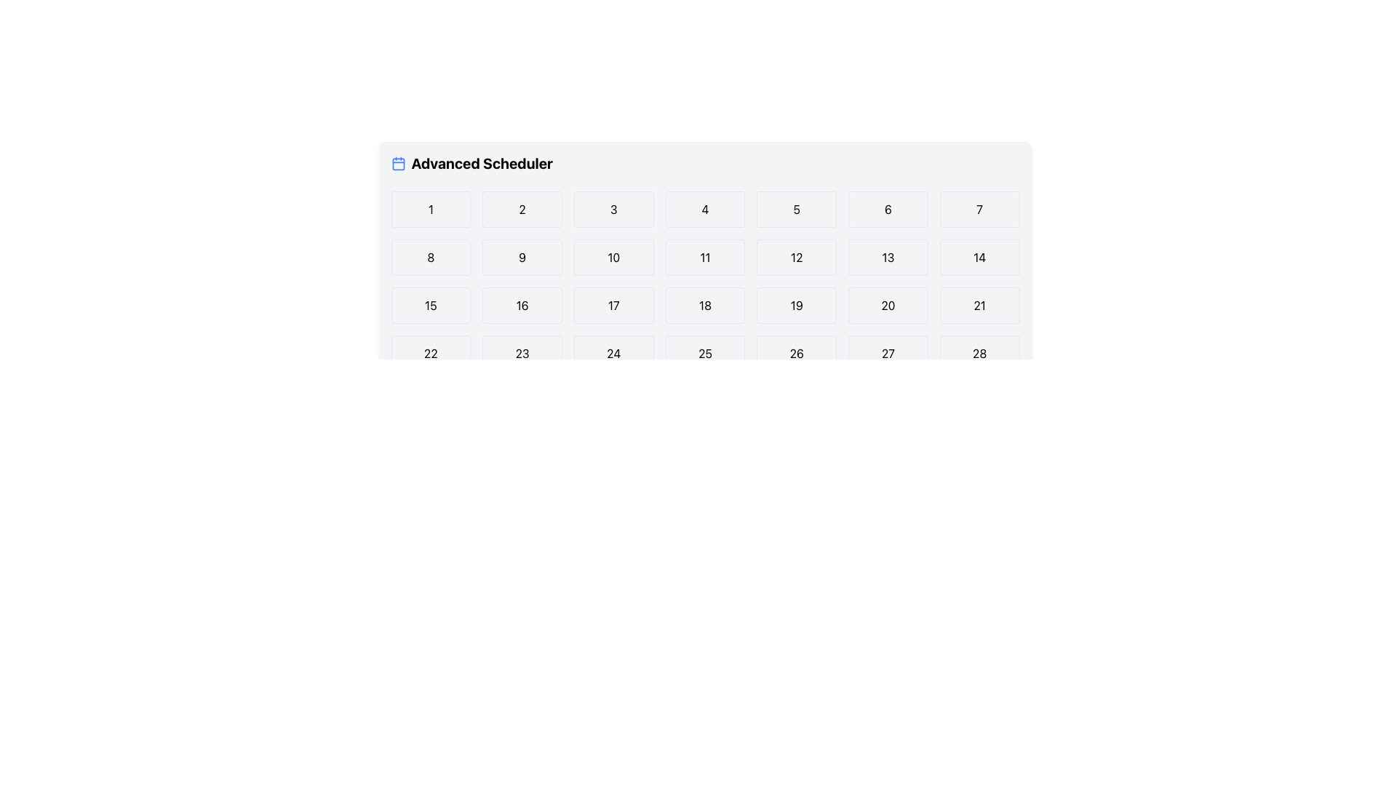 The height and width of the screenshot is (786, 1397). Describe the element at coordinates (705, 286) in the screenshot. I see `across the dates in the 'Advanced Scheduler' calendar component, which features a blue calendar icon and a grid layout of date buttons` at that location.